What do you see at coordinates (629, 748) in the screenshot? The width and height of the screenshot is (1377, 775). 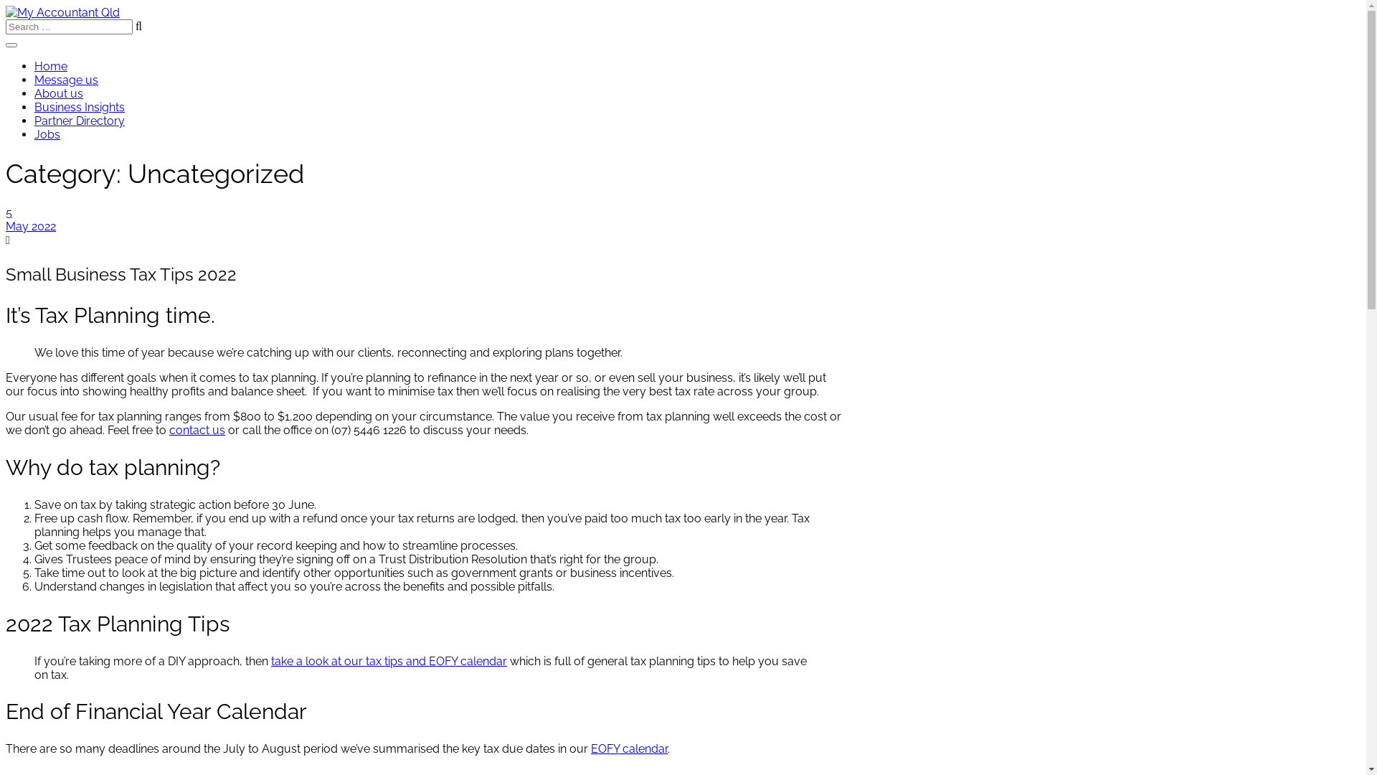 I see `'EOFY calendar'` at bounding box center [629, 748].